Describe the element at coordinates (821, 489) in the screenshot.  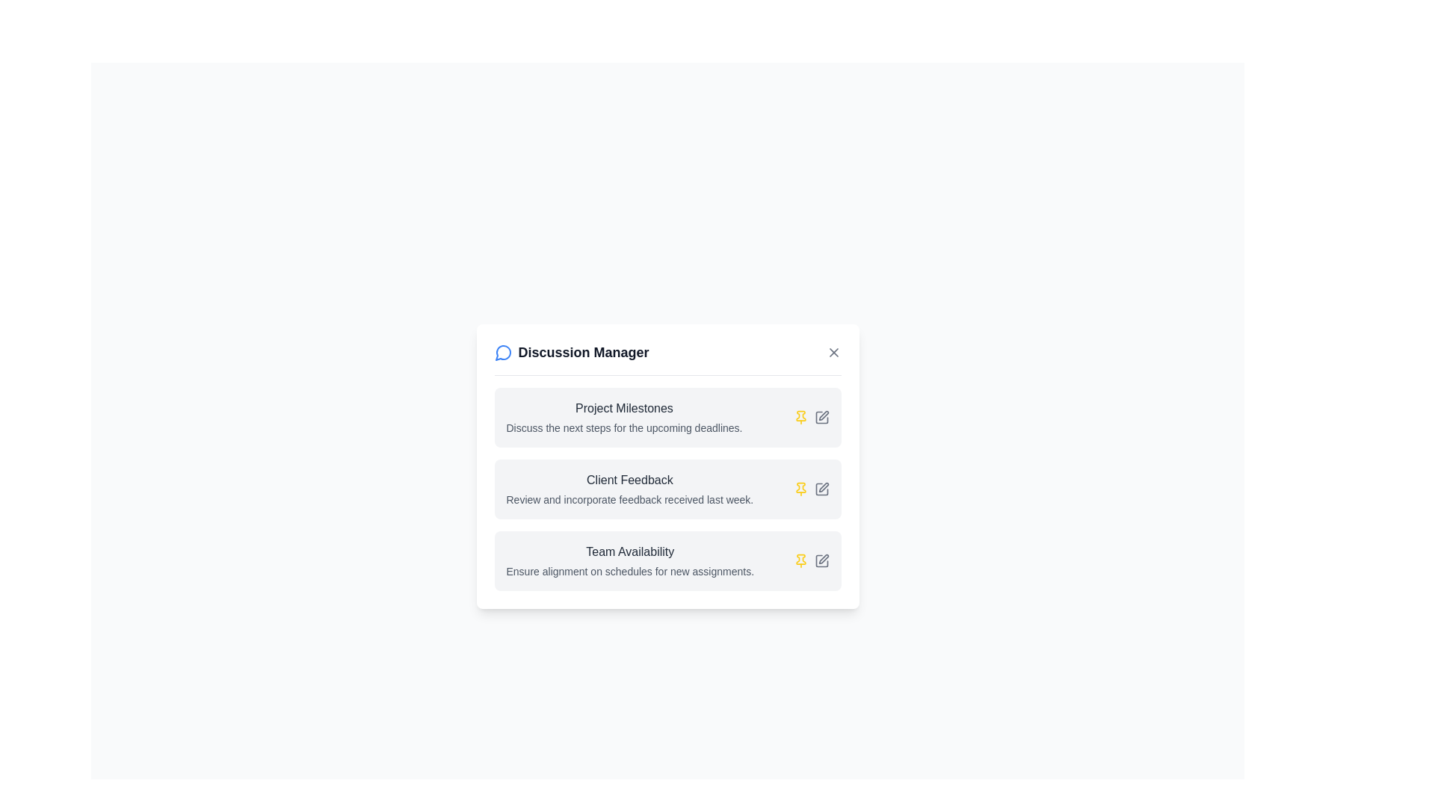
I see `the Icon button located in the top-right corner of the 'Client Feedback' row` at that location.